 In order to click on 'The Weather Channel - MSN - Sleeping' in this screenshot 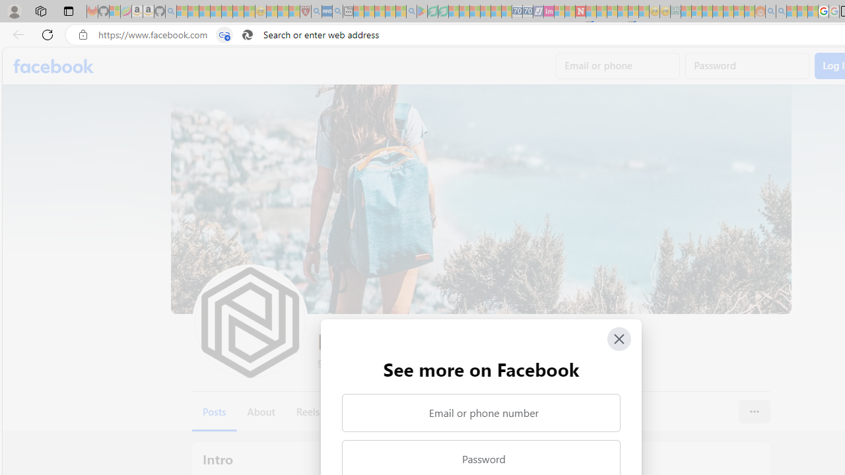, I will do `click(203, 11)`.